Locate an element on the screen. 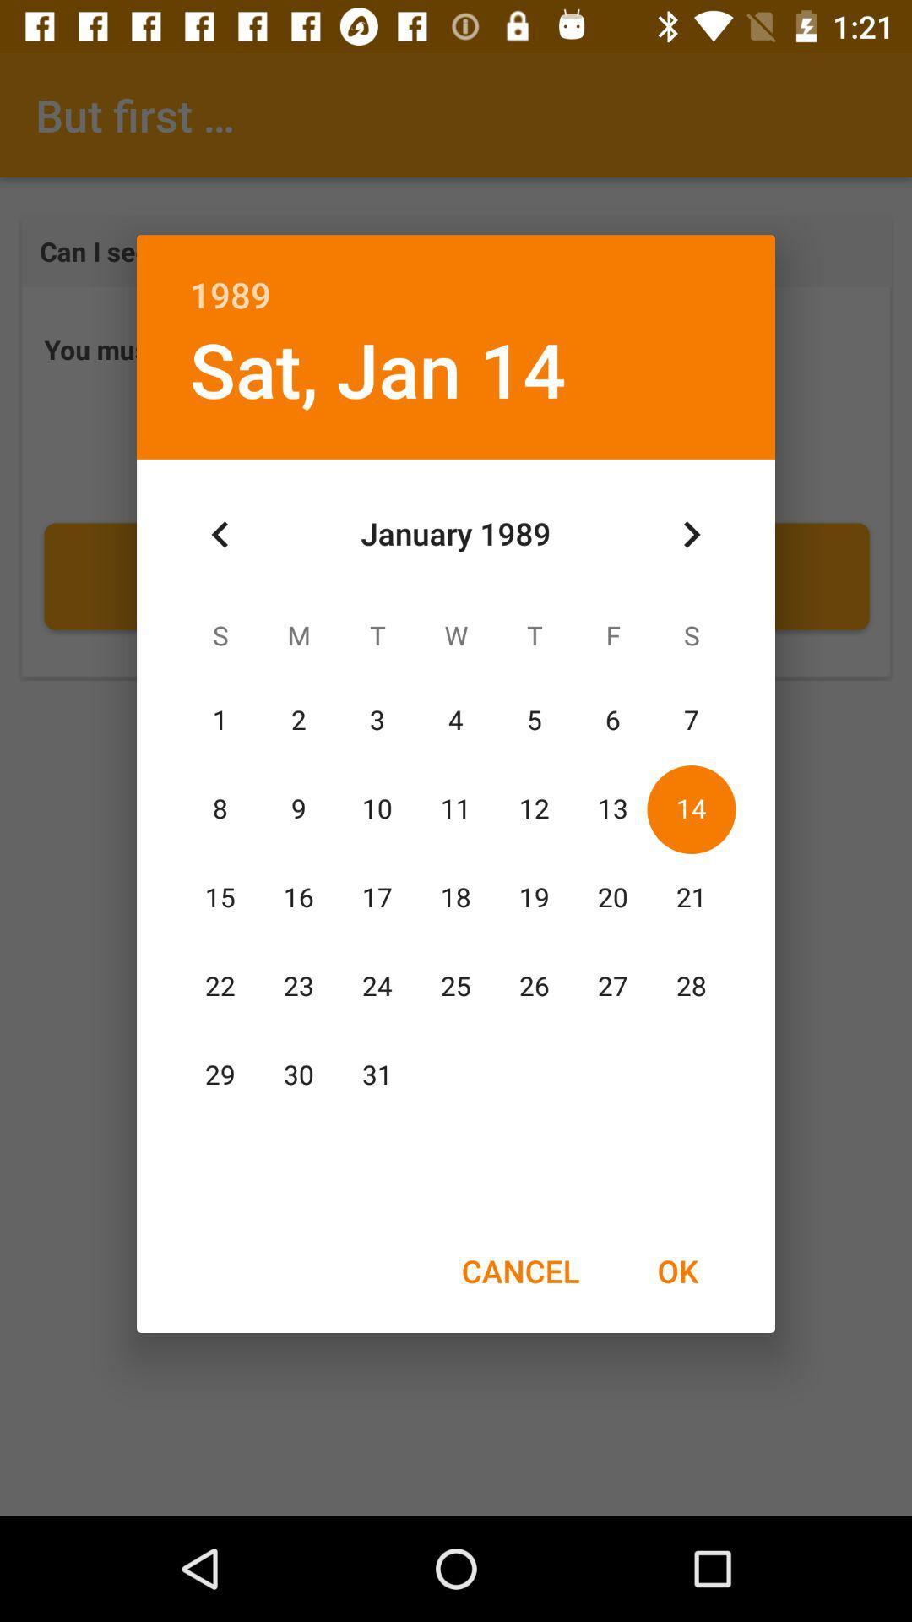 The height and width of the screenshot is (1622, 912). item to the left of the ok item is located at coordinates (519, 1271).